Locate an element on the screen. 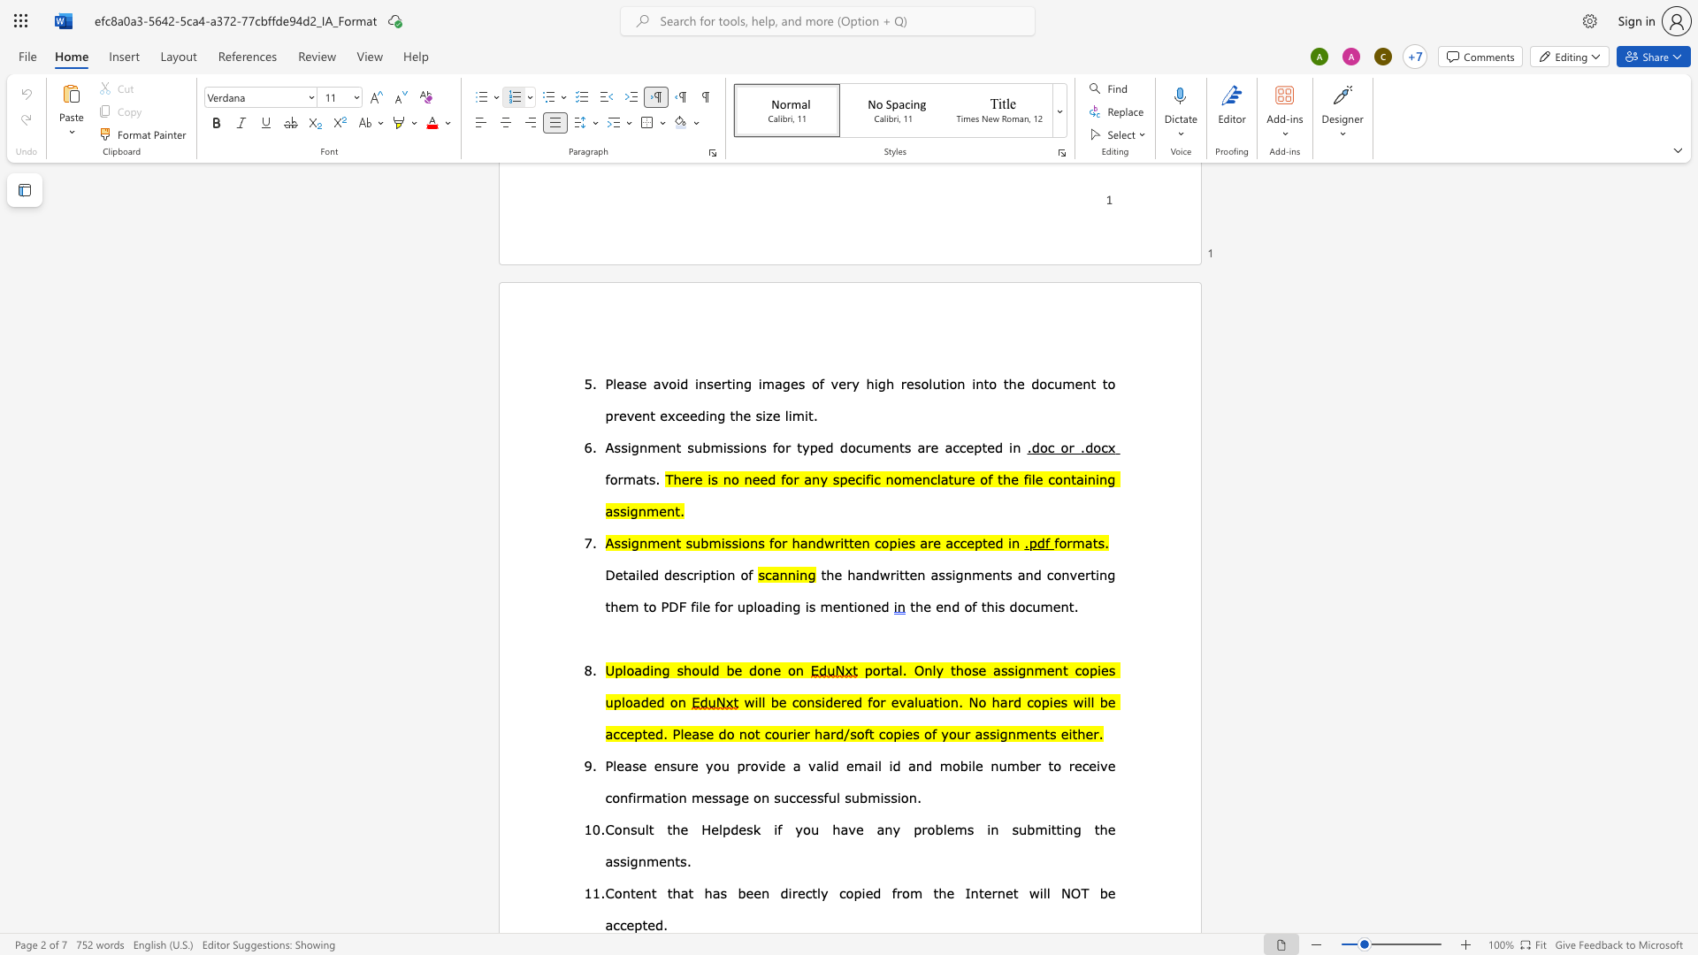 The height and width of the screenshot is (955, 1698). the space between the continuous character "e" and "p" in the text is located at coordinates (634, 923).